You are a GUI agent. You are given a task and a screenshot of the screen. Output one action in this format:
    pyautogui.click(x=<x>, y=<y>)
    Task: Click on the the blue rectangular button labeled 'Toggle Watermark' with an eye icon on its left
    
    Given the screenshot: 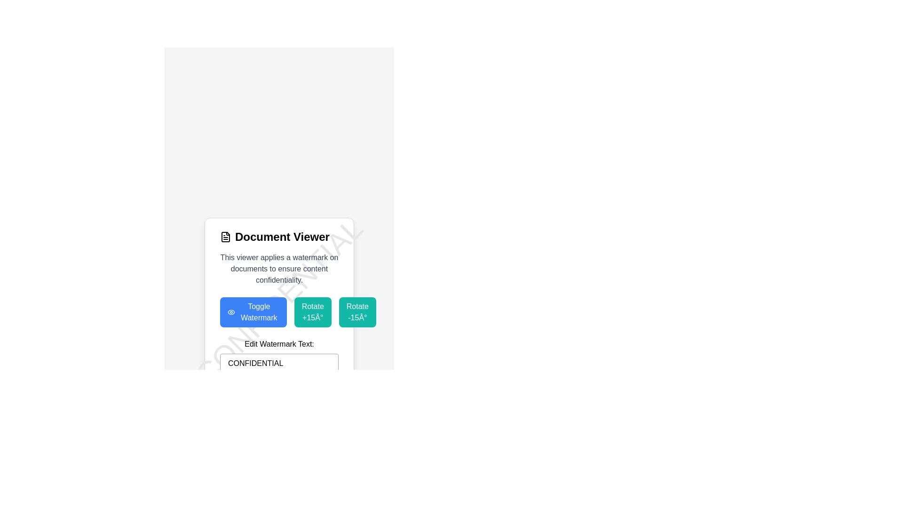 What is the action you would take?
    pyautogui.click(x=279, y=312)
    